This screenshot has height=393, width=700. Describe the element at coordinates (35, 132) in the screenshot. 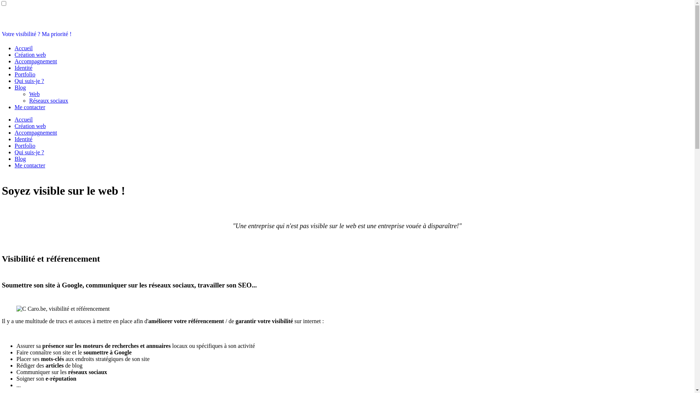

I see `'Accompagnement'` at that location.